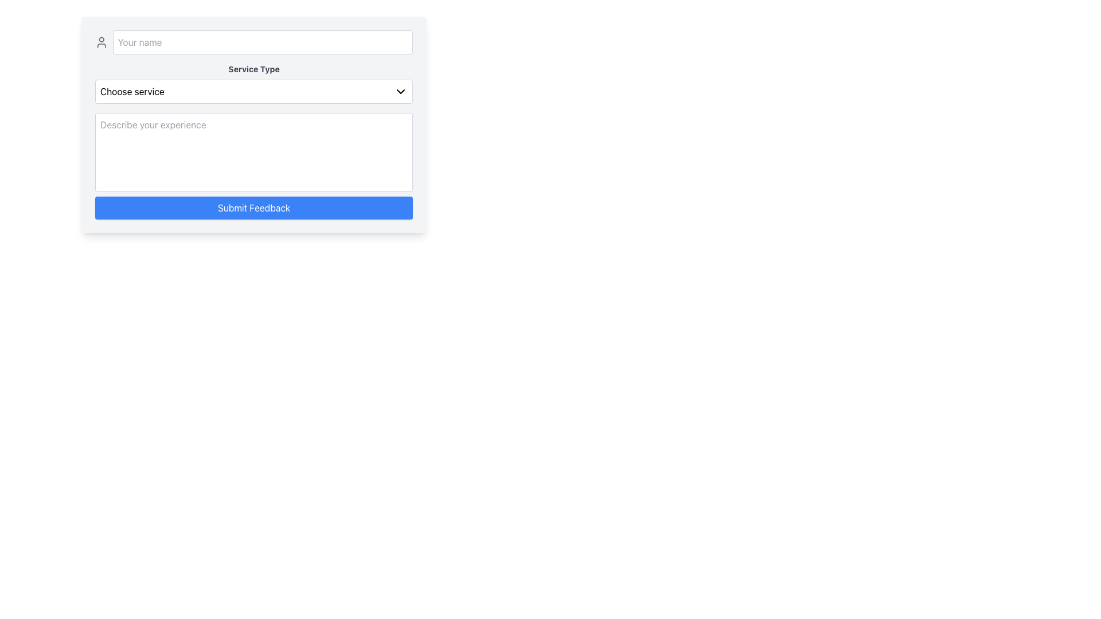  What do you see at coordinates (401, 91) in the screenshot?
I see `the downward-facing chevron icon inside the 'Choose service' dropdown menu` at bounding box center [401, 91].